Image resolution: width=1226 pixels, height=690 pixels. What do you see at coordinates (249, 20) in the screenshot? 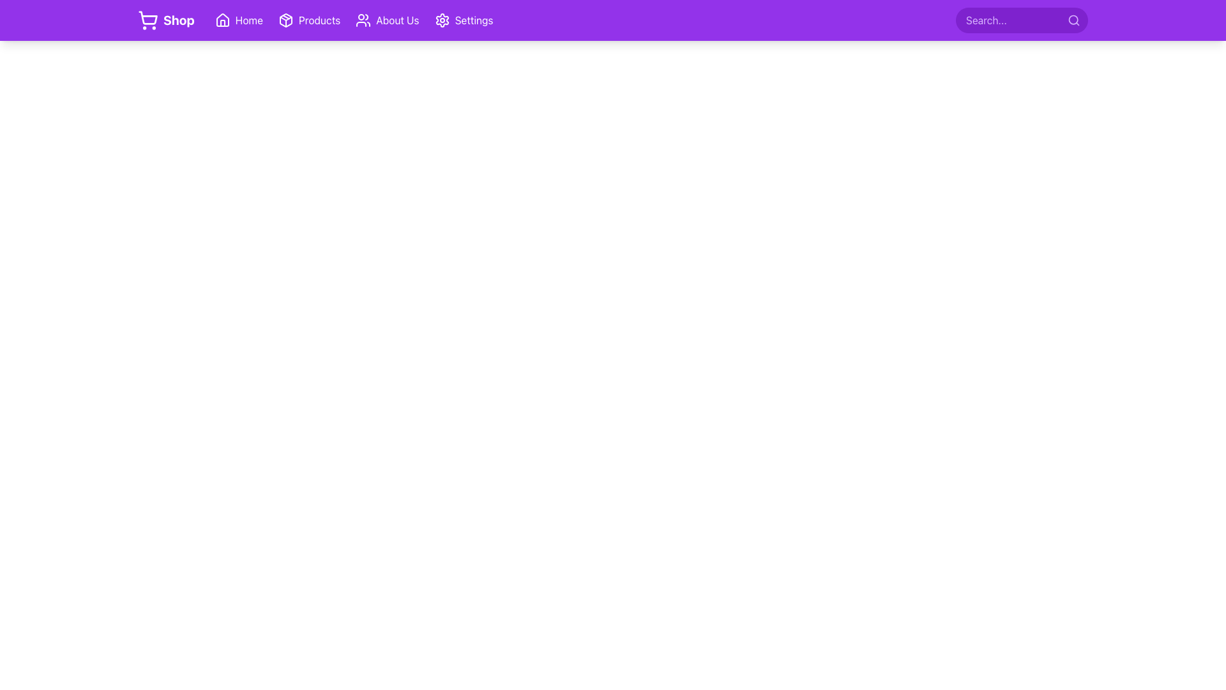
I see `the 'Home' text label, which is styled in white font on a purple background and is part of the top navigation bar` at bounding box center [249, 20].